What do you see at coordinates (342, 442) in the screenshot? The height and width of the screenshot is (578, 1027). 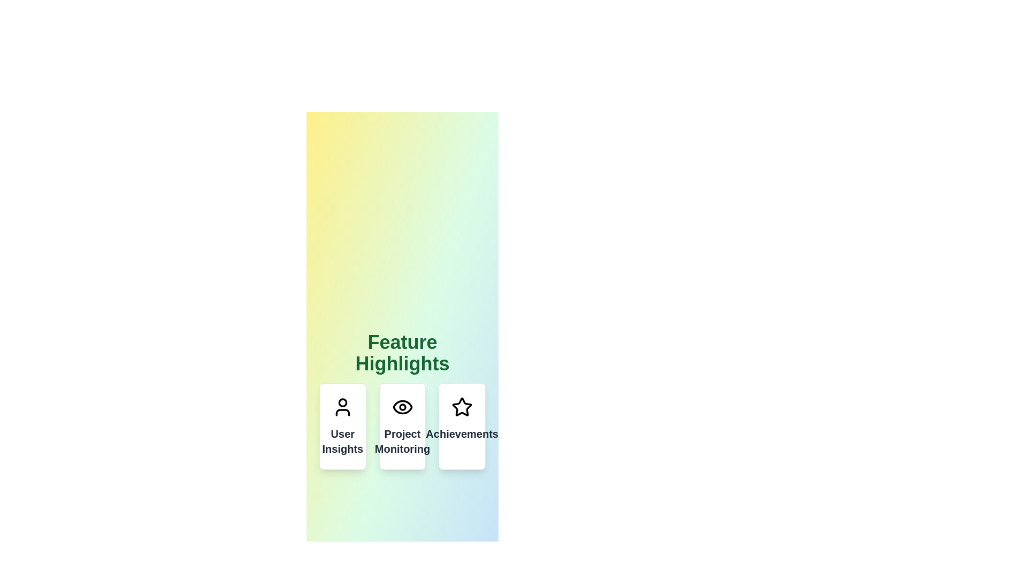 I see `'User Insights' label text located in the first card from the left, below the user silhouette icon, to understand the card's purpose` at bounding box center [342, 442].